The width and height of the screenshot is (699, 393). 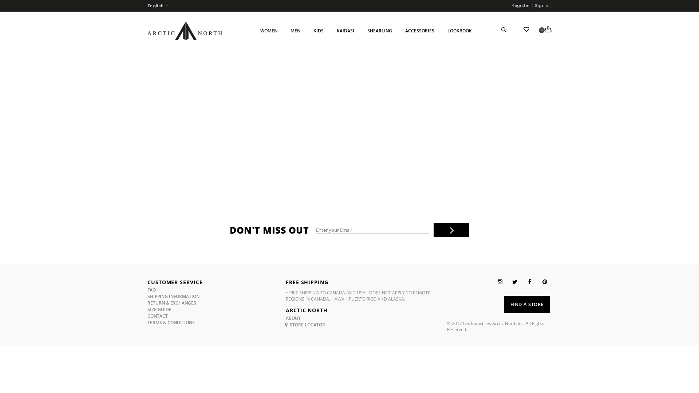 I want to click on 'RETURN & EXCHANGES', so click(x=171, y=303).